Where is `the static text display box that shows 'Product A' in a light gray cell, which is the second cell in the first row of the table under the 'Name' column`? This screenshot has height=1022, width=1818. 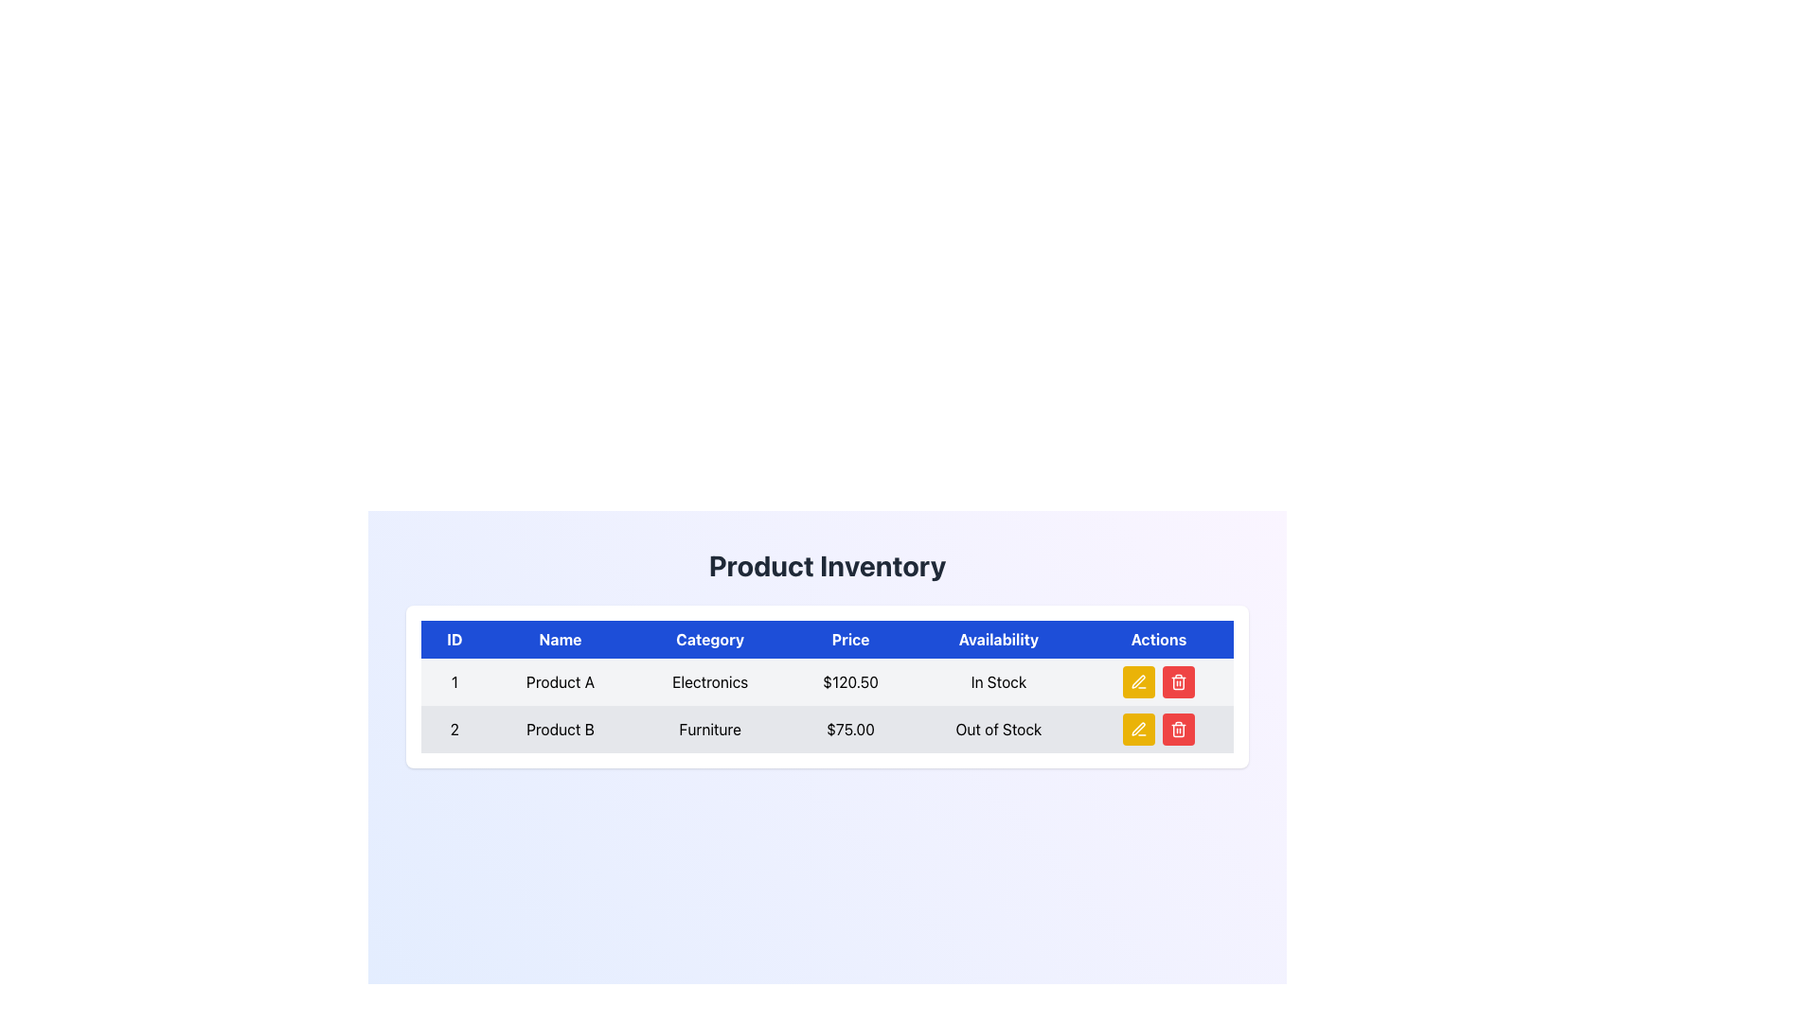
the static text display box that shows 'Product A' in a light gray cell, which is the second cell in the first row of the table under the 'Name' column is located at coordinates (559, 682).